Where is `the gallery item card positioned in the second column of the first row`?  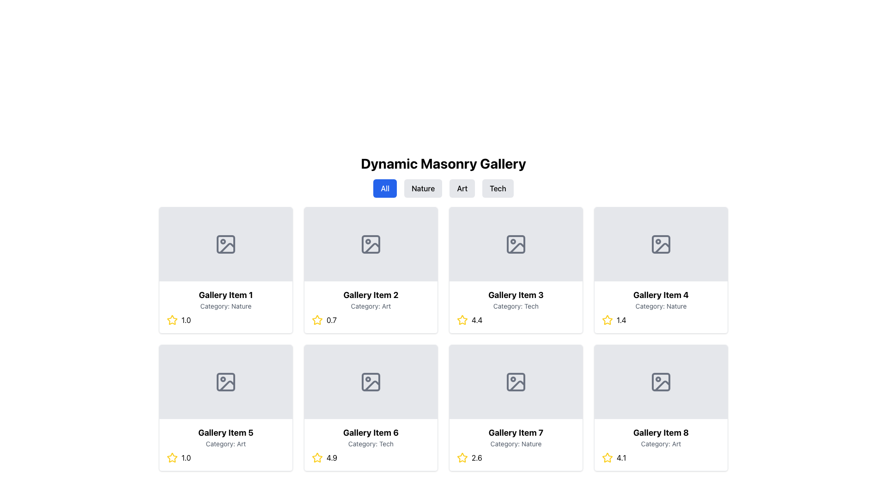
the gallery item card positioned in the second column of the first row is located at coordinates (371, 307).